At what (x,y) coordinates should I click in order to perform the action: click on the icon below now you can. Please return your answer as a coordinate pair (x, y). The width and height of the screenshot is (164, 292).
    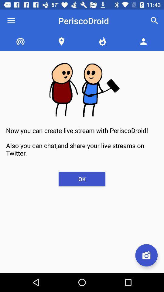
    Looking at the image, I should click on (146, 255).